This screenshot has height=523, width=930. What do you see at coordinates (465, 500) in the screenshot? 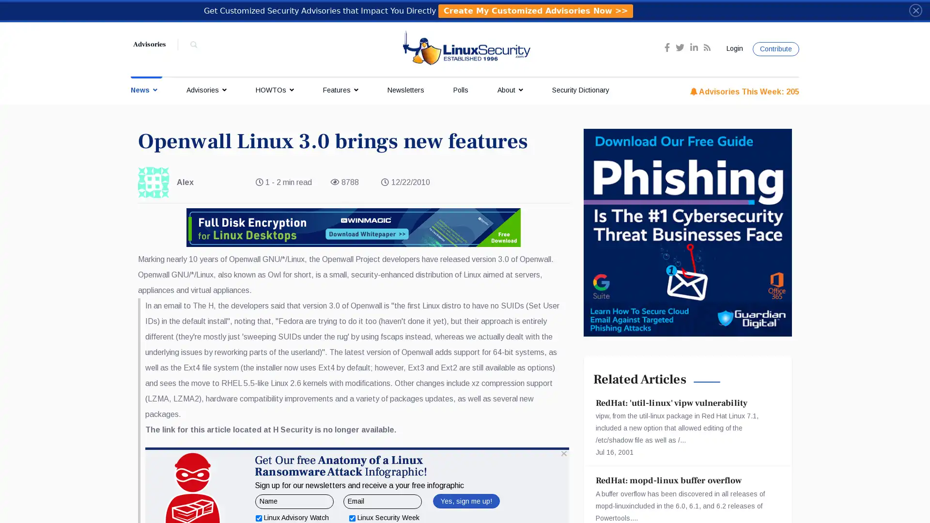
I see `Yes, sign me up!` at bounding box center [465, 500].